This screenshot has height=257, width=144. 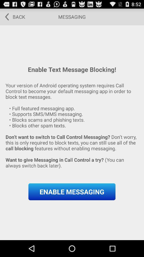 What do you see at coordinates (72, 192) in the screenshot?
I see `app below the your version of icon` at bounding box center [72, 192].